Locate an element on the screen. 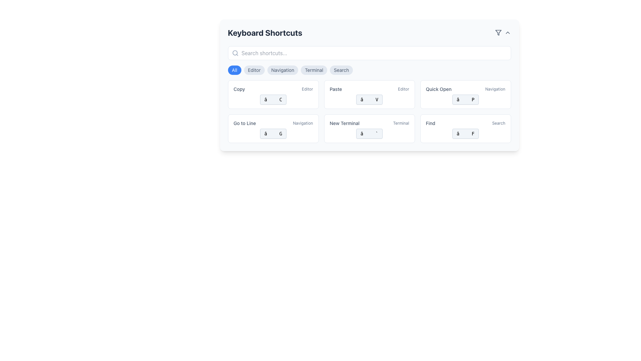 This screenshot has height=361, width=641. the 'Copy' label, which is styled in a small font with medium weight and a cool slate shade, located prominently within the keyboard shortcuts panel is located at coordinates (239, 89).